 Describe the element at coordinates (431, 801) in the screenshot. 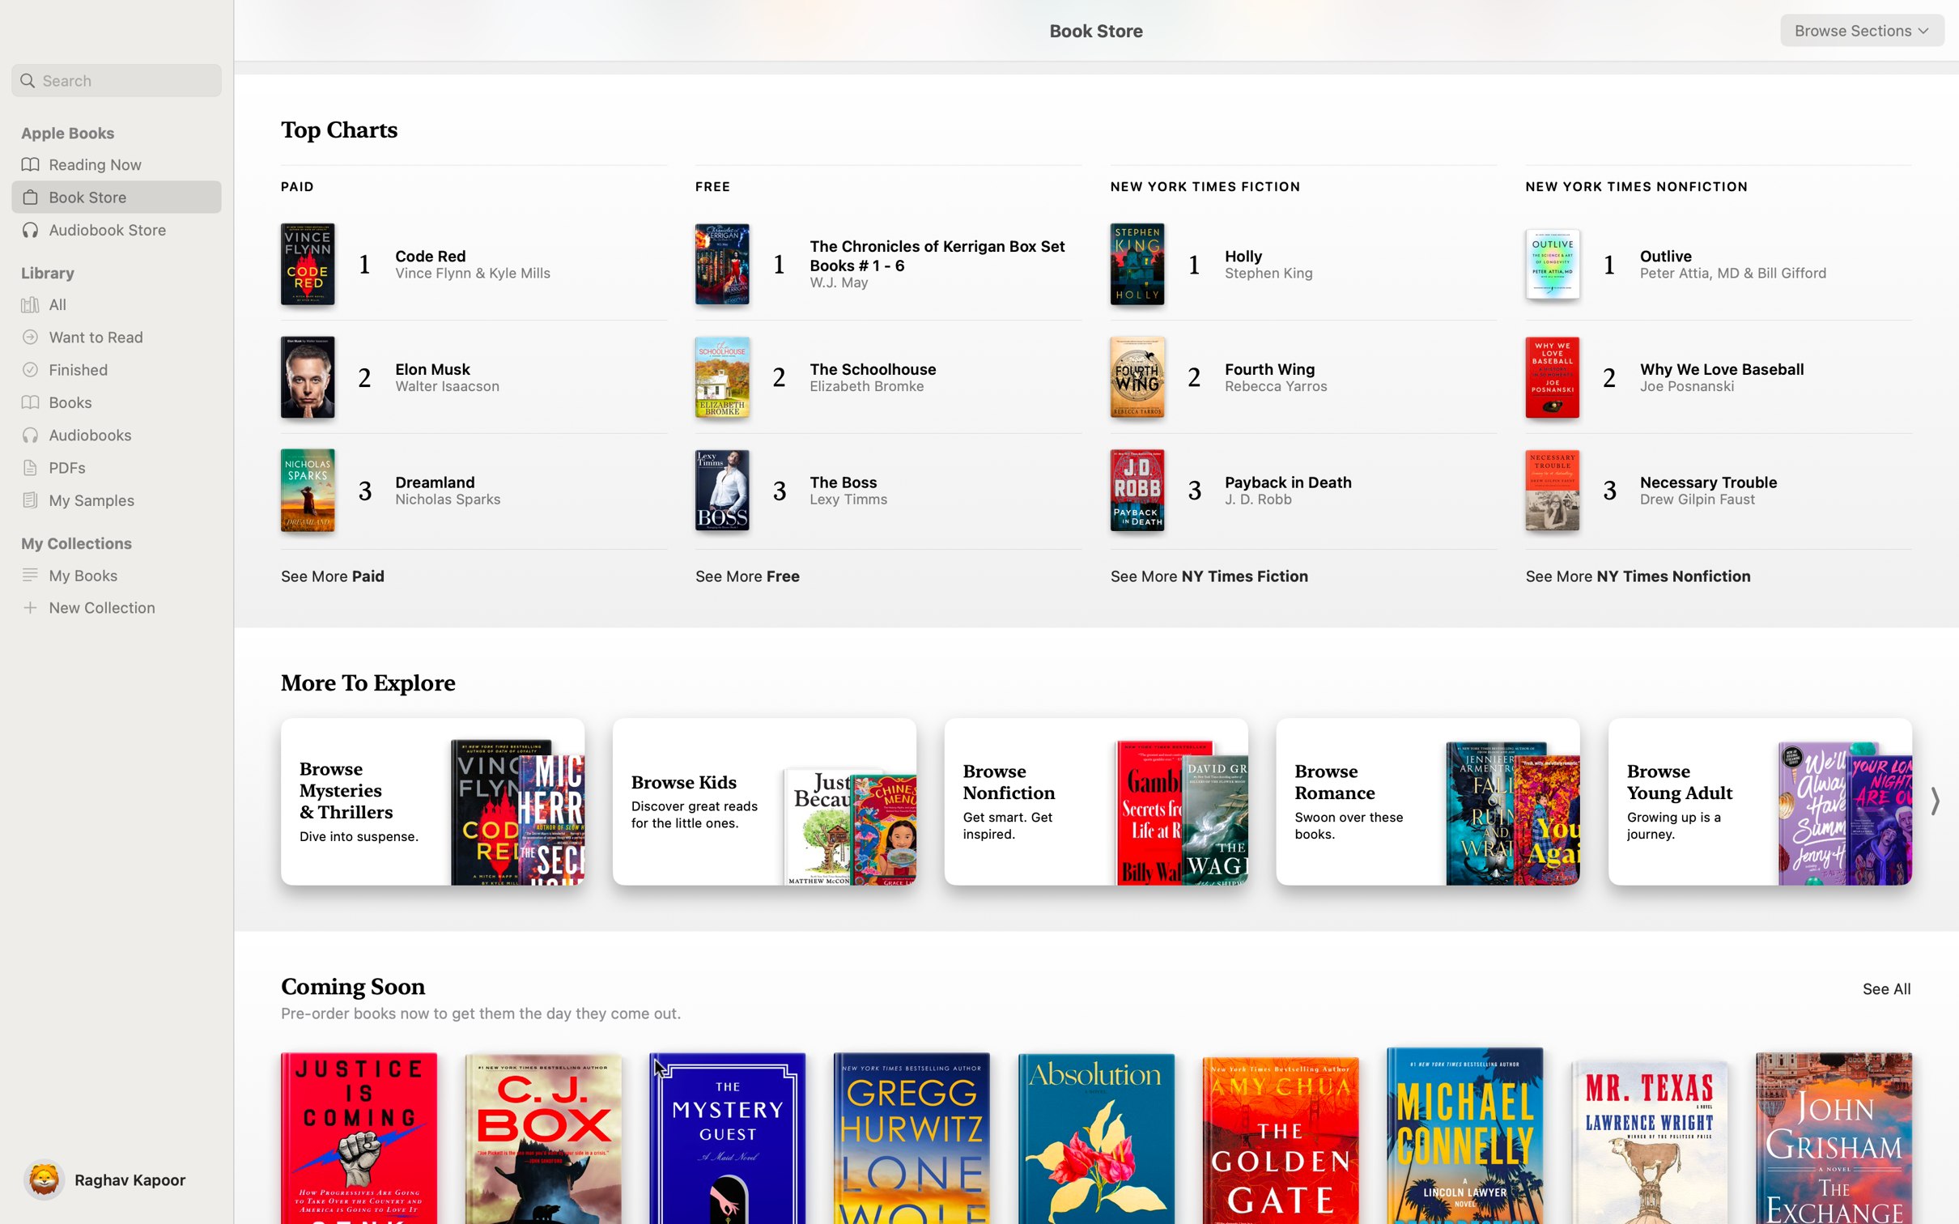

I see `Browse Mystery Books from "More to Explore" section` at that location.